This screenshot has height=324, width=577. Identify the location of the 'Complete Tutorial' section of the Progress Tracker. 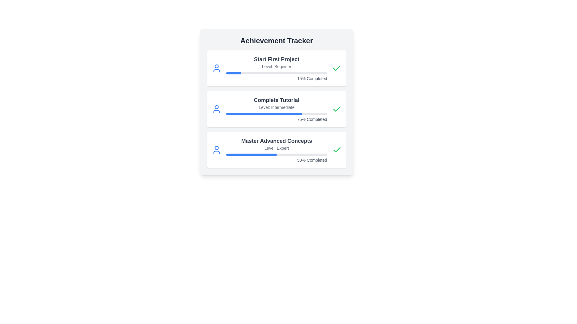
(276, 109).